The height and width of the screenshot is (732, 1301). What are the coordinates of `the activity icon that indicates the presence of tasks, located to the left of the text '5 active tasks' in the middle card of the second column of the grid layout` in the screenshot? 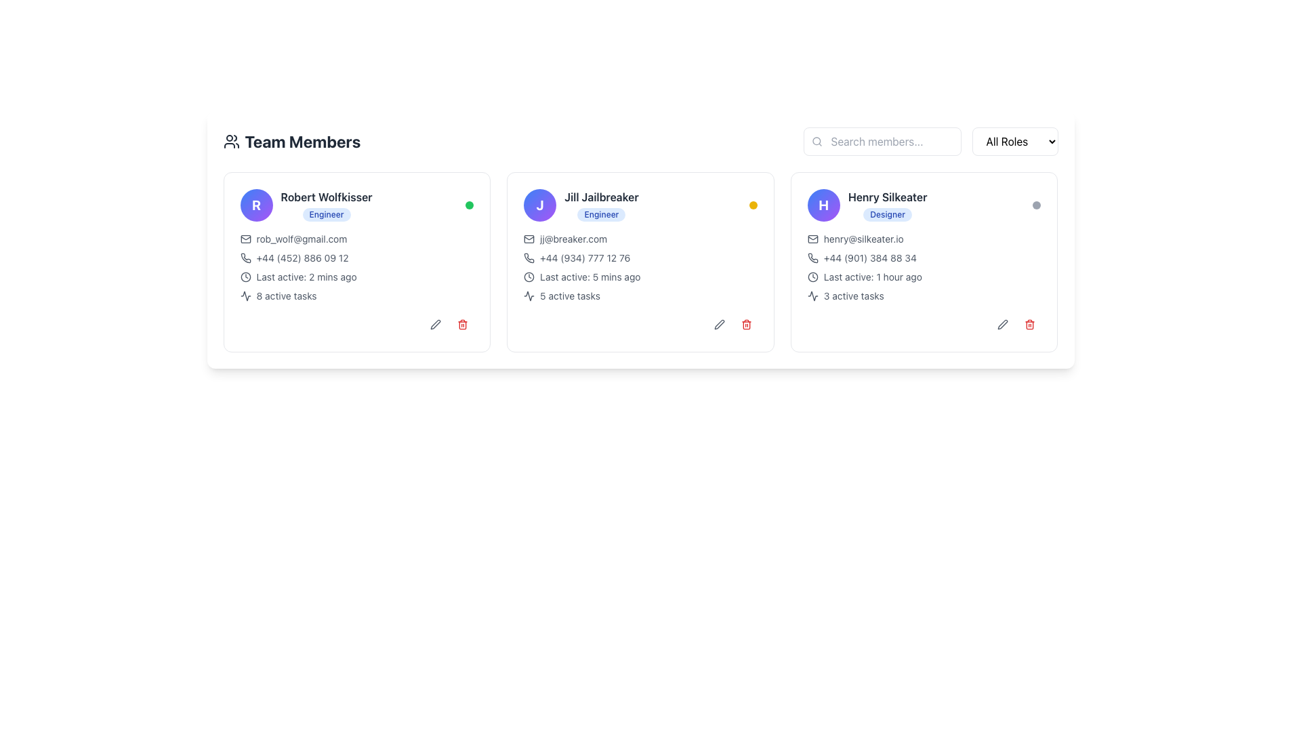 It's located at (529, 295).